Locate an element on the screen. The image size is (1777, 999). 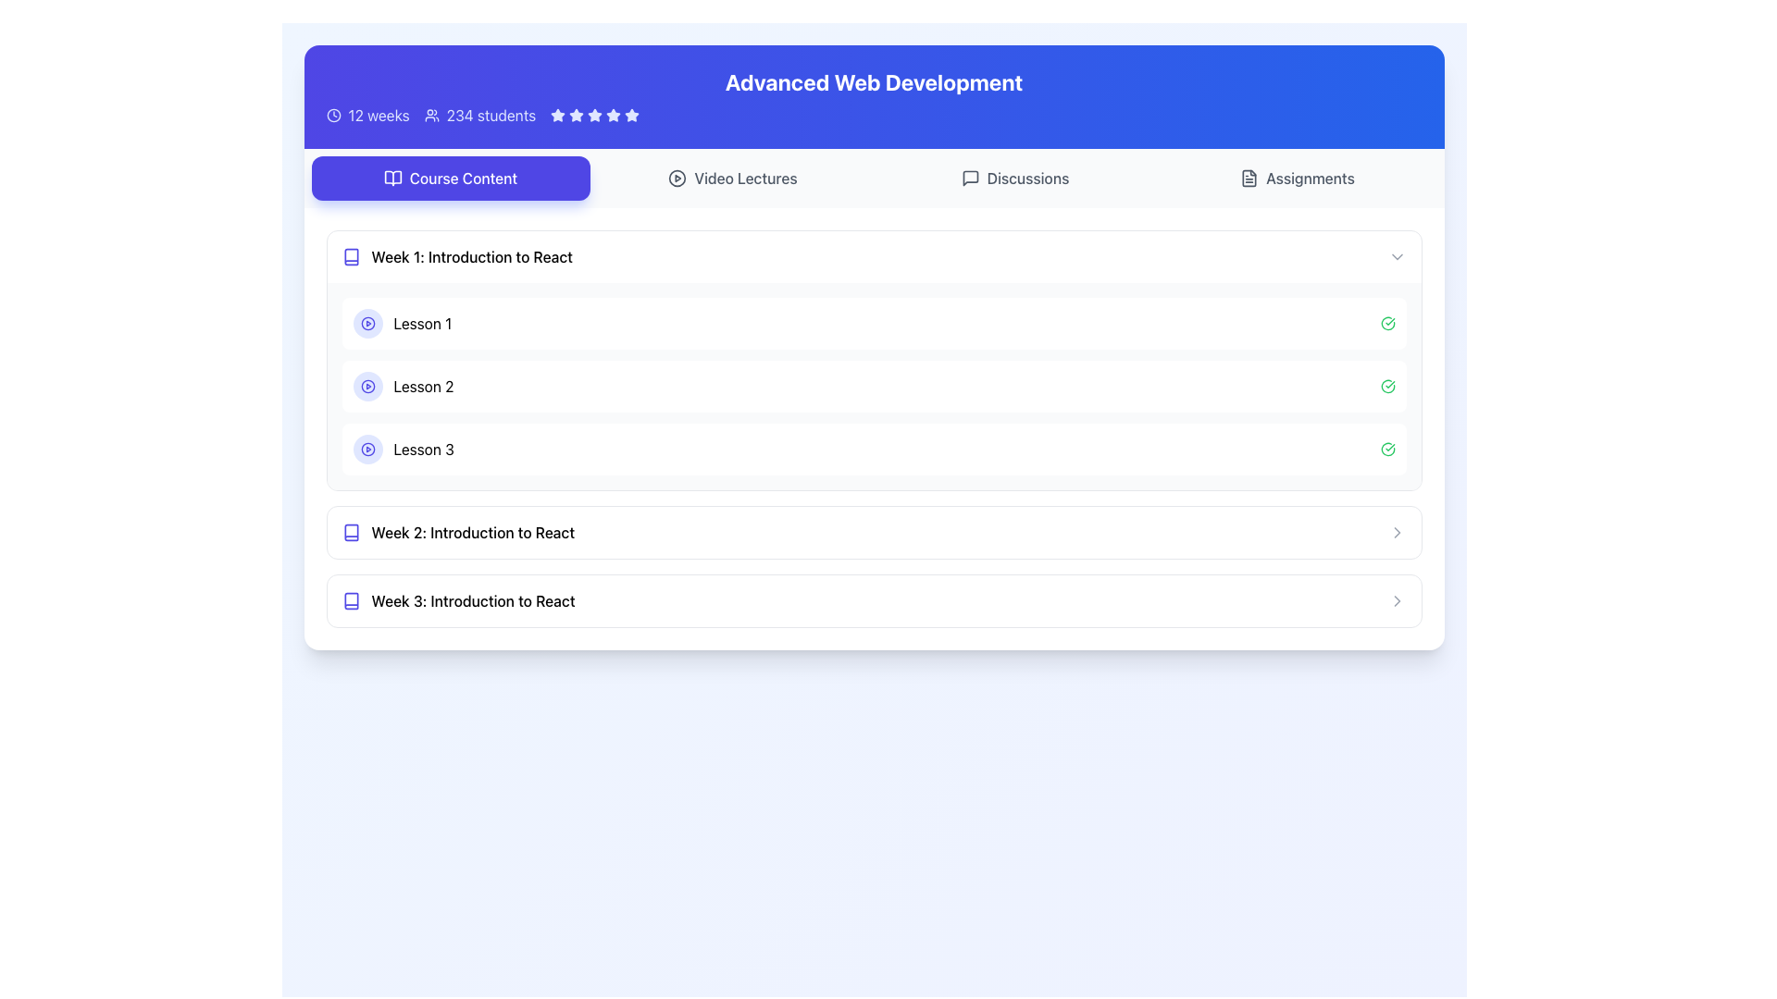
the fourth rating star icon, which is part of a group of five stars aligned horizontally is located at coordinates (613, 114).